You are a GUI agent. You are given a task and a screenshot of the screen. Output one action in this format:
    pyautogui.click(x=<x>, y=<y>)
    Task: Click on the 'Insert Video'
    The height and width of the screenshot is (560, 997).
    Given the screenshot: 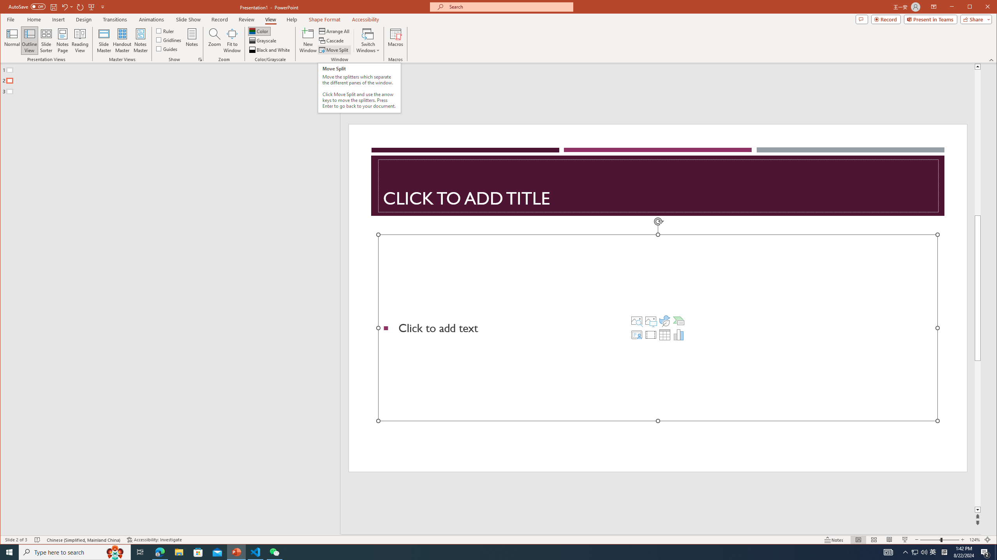 What is the action you would take?
    pyautogui.click(x=650, y=335)
    